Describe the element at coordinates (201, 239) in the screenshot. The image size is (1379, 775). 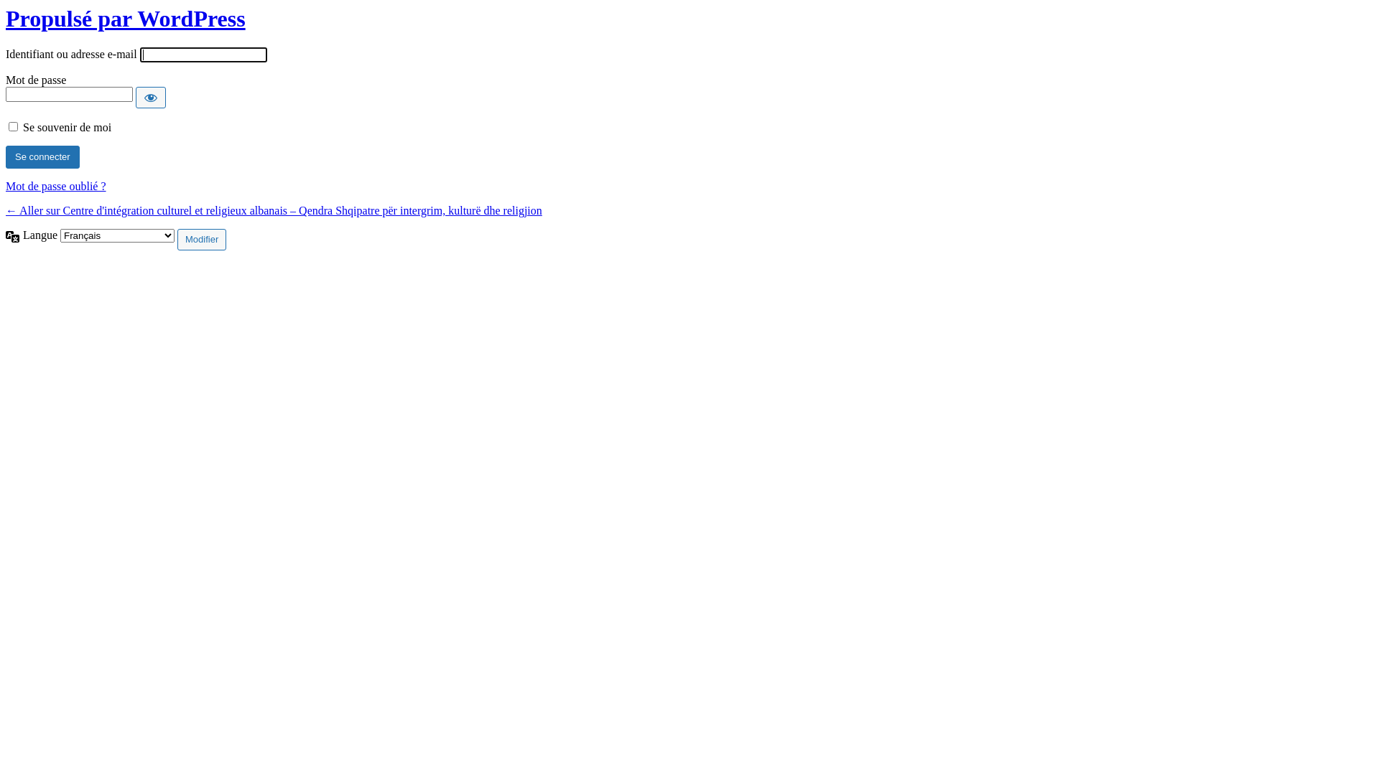
I see `'Modifier'` at that location.